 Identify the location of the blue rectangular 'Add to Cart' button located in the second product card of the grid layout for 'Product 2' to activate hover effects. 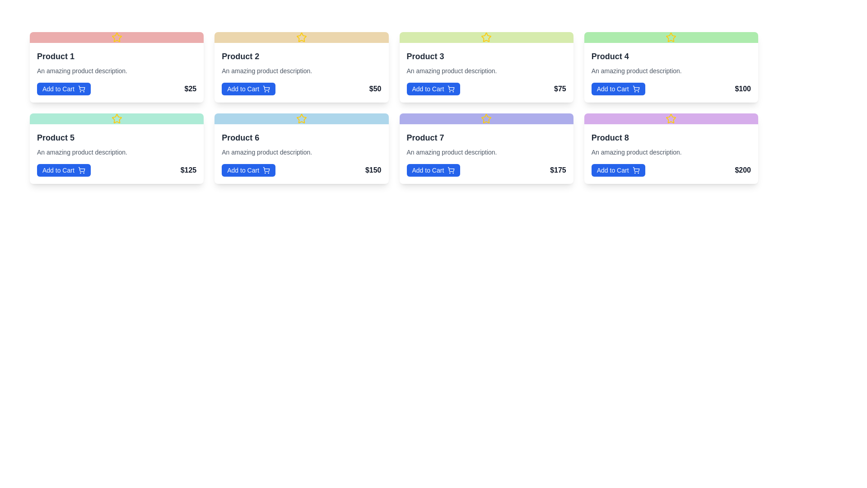
(248, 89).